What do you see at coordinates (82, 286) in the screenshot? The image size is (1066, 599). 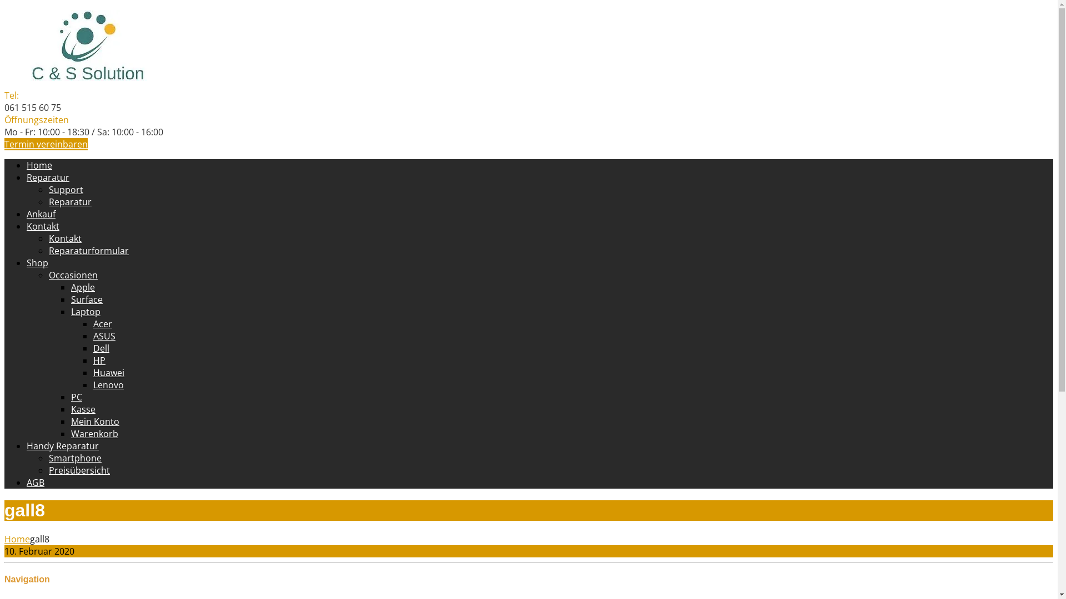 I see `'Apple'` at bounding box center [82, 286].